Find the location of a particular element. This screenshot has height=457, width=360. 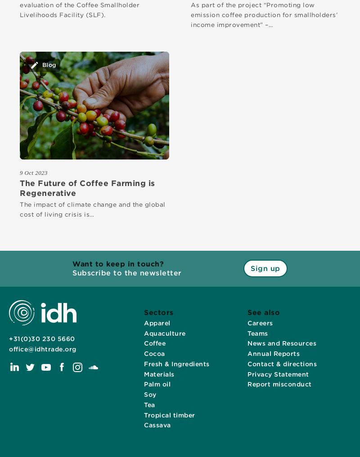

'Annual Reports' is located at coordinates (247, 353).